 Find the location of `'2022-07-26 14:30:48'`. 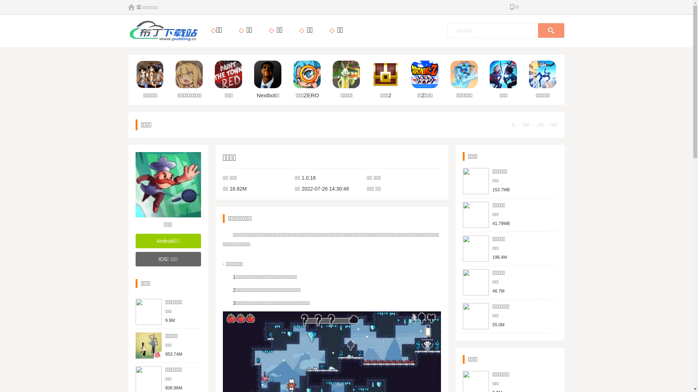

'2022-07-26 14:30:48' is located at coordinates (325, 188).